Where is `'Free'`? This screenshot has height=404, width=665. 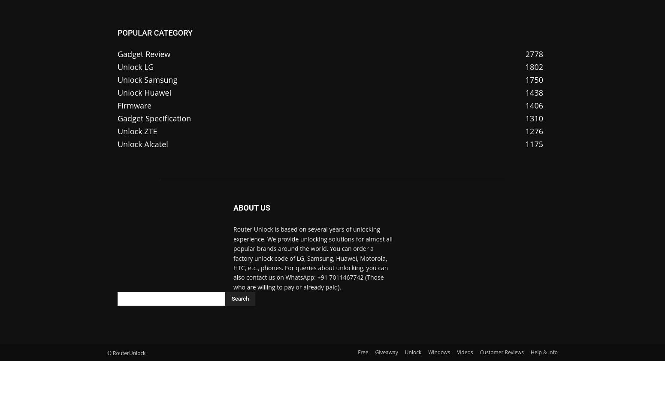 'Free' is located at coordinates (362, 352).